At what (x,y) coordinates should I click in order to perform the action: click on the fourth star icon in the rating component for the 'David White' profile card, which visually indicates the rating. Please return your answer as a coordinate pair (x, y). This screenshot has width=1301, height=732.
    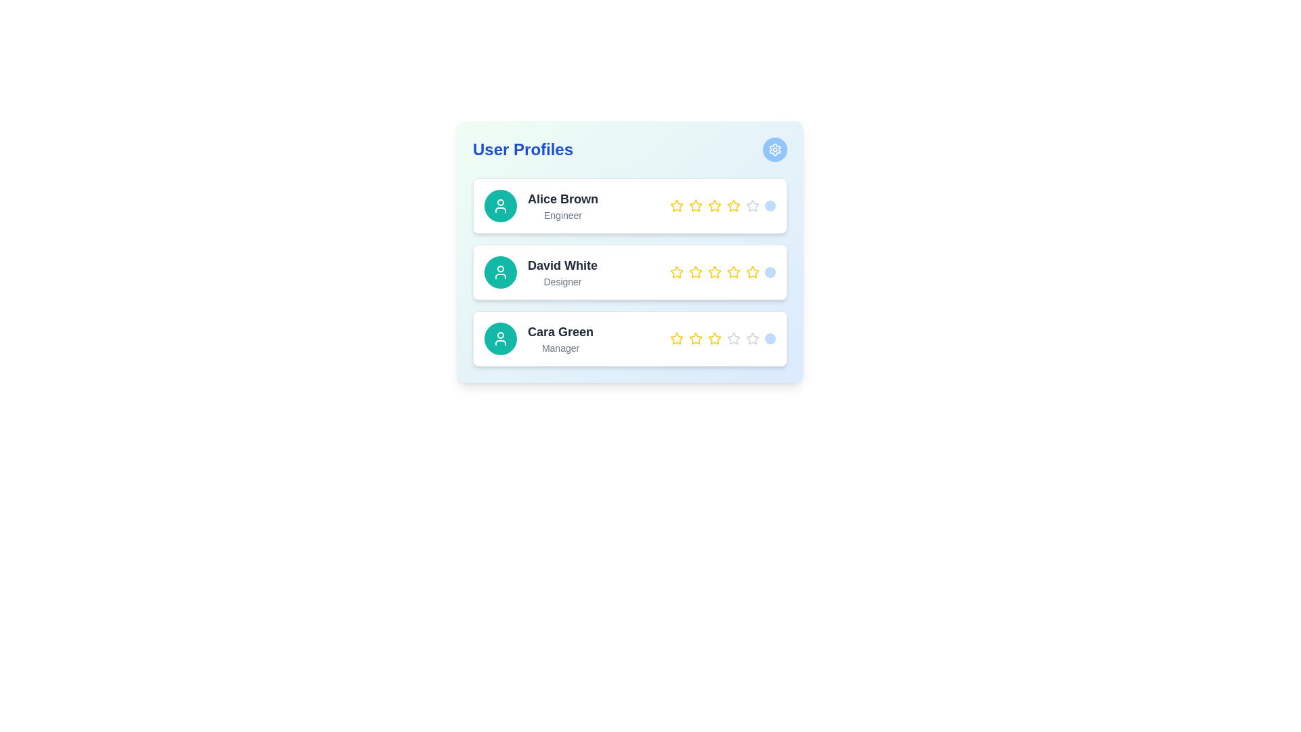
    Looking at the image, I should click on (751, 272).